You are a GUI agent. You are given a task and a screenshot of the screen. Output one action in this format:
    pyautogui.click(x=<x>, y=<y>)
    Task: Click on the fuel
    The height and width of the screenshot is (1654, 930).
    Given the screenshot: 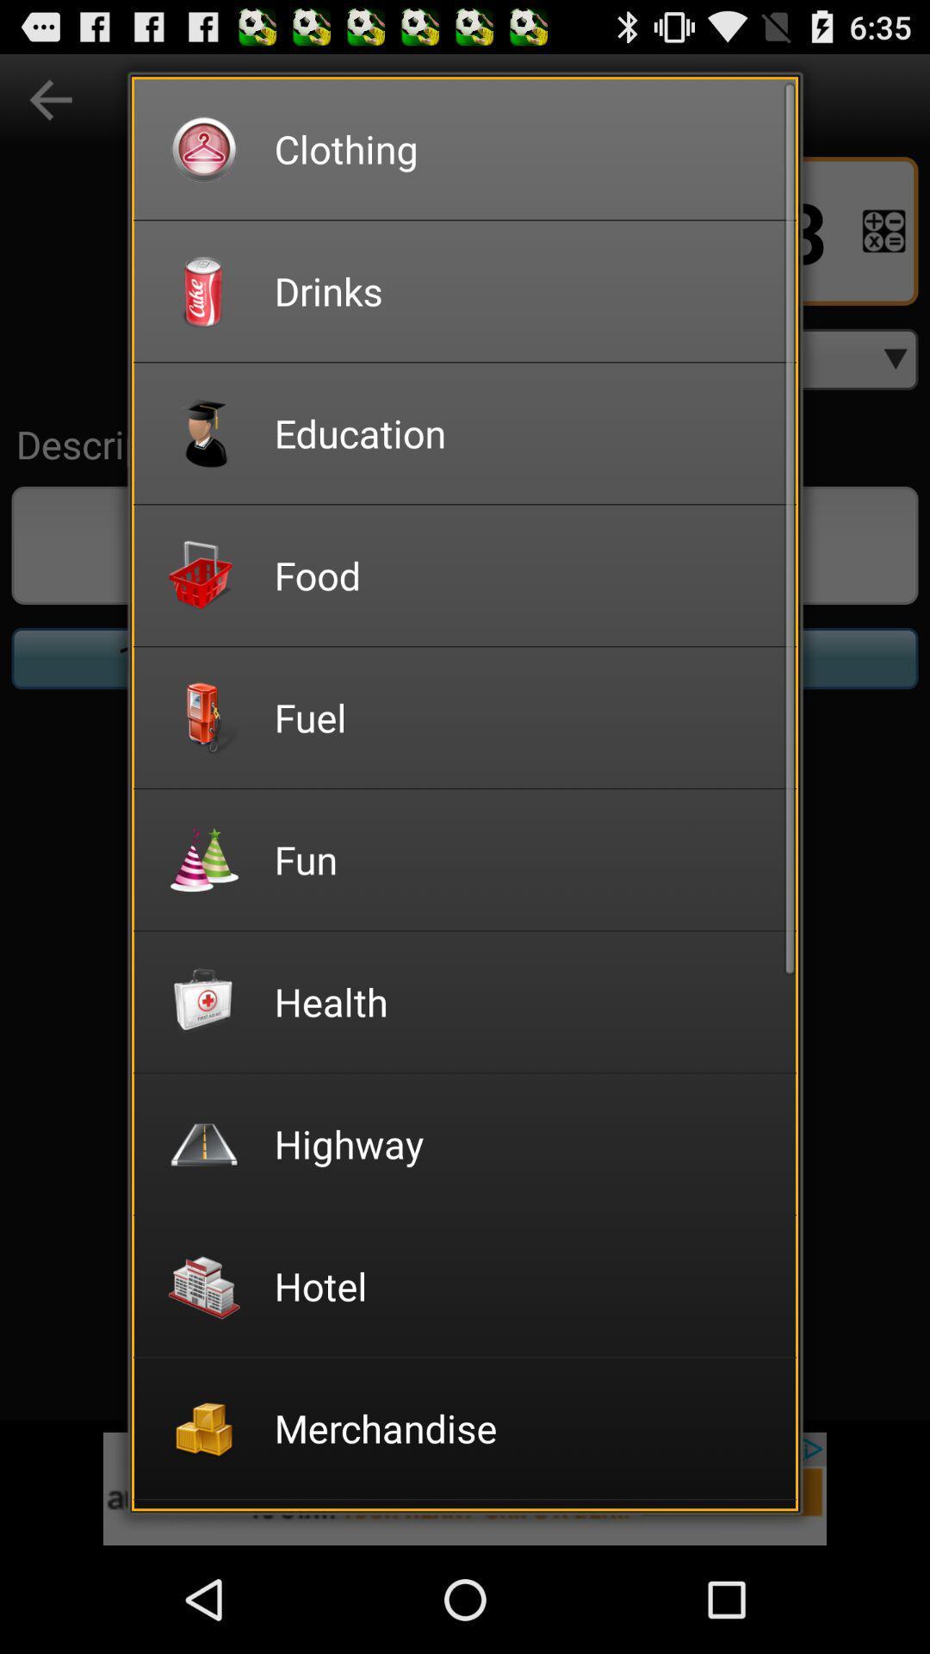 What is the action you would take?
    pyautogui.click(x=523, y=717)
    